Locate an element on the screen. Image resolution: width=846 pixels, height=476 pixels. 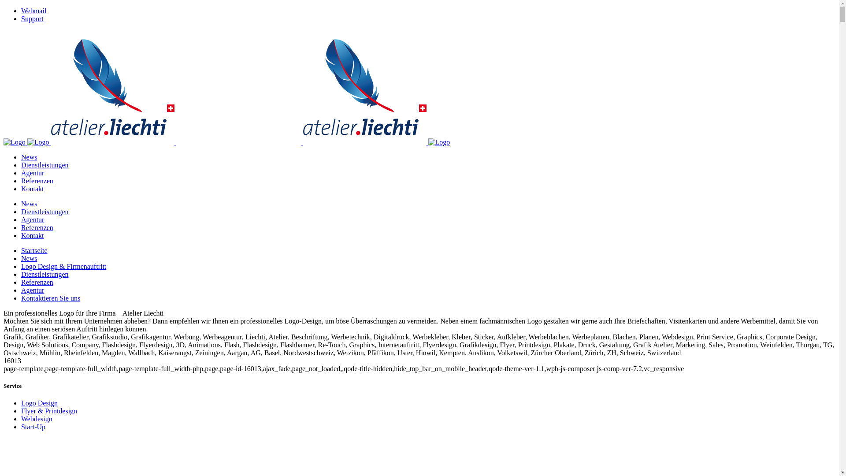
'Kontakt' is located at coordinates (32, 188).